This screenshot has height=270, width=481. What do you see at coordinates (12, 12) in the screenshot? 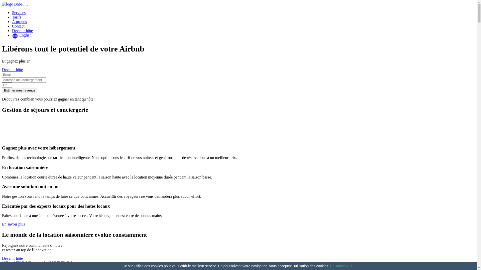
I see `'Services'` at bounding box center [12, 12].